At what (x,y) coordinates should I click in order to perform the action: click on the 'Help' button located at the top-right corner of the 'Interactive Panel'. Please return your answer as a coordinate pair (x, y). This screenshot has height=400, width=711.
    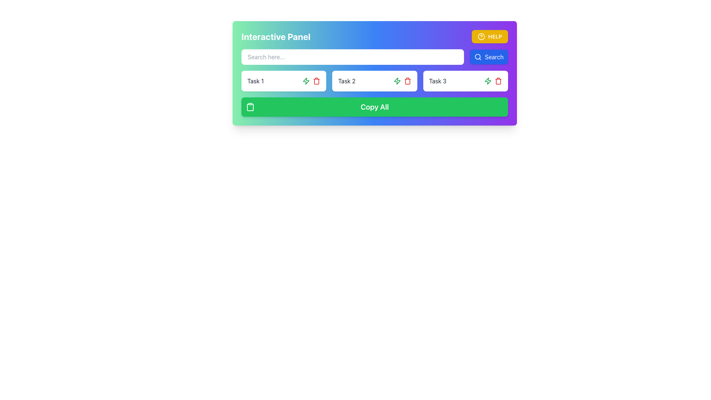
    Looking at the image, I should click on (490, 37).